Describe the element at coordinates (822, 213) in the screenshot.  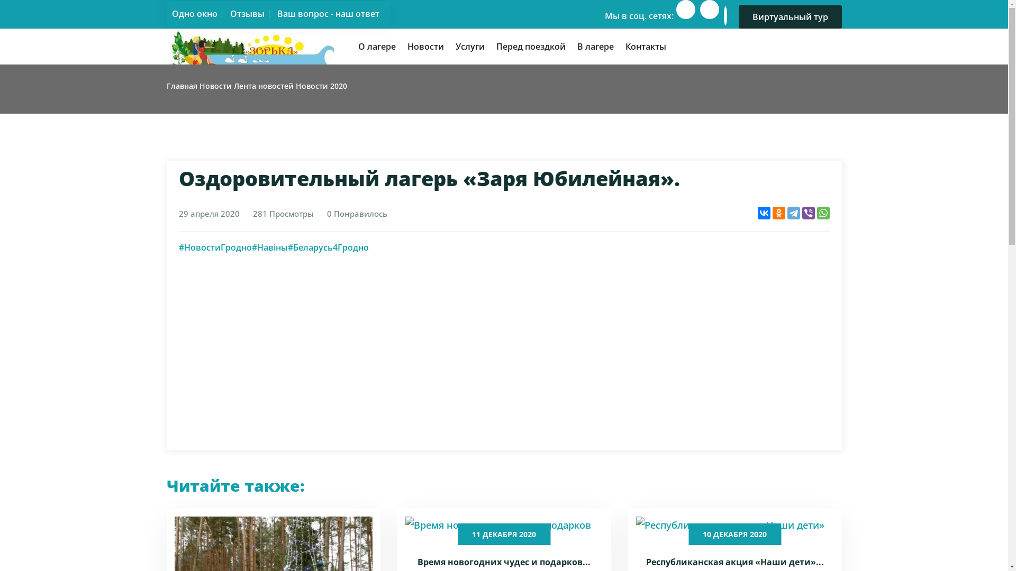
I see `'WhatsApp'` at that location.